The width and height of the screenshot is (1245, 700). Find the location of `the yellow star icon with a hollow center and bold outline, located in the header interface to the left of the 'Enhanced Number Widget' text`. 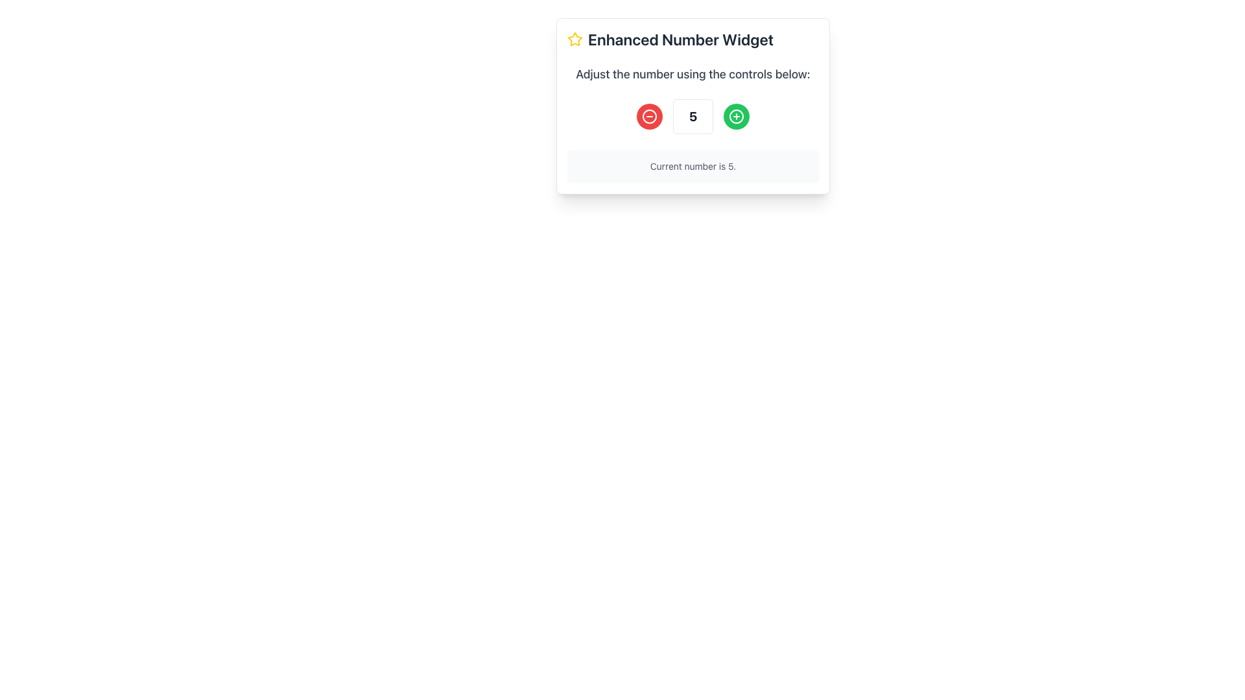

the yellow star icon with a hollow center and bold outline, located in the header interface to the left of the 'Enhanced Number Widget' text is located at coordinates (575, 39).